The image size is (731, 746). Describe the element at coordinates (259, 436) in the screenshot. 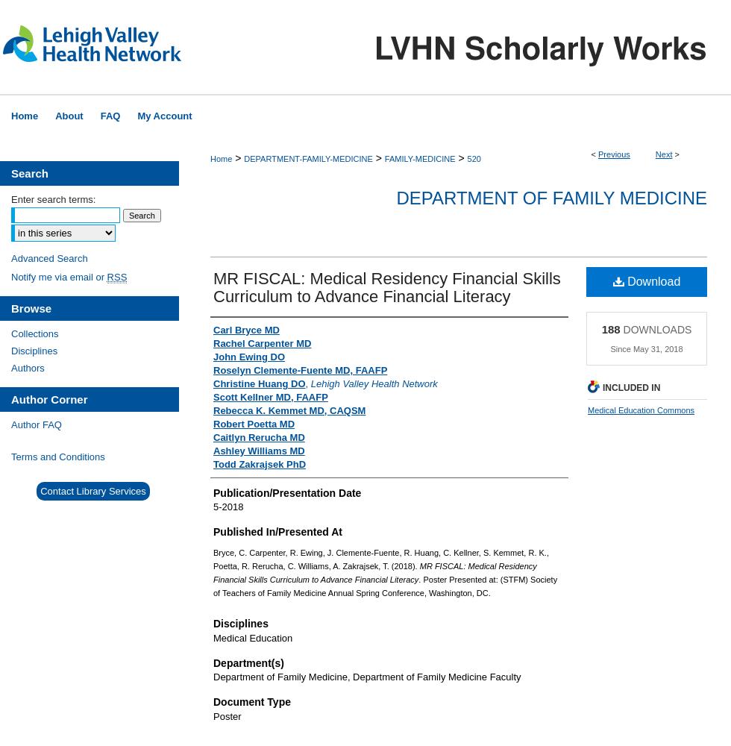

I see `'Caitlyn Rerucha MD'` at that location.